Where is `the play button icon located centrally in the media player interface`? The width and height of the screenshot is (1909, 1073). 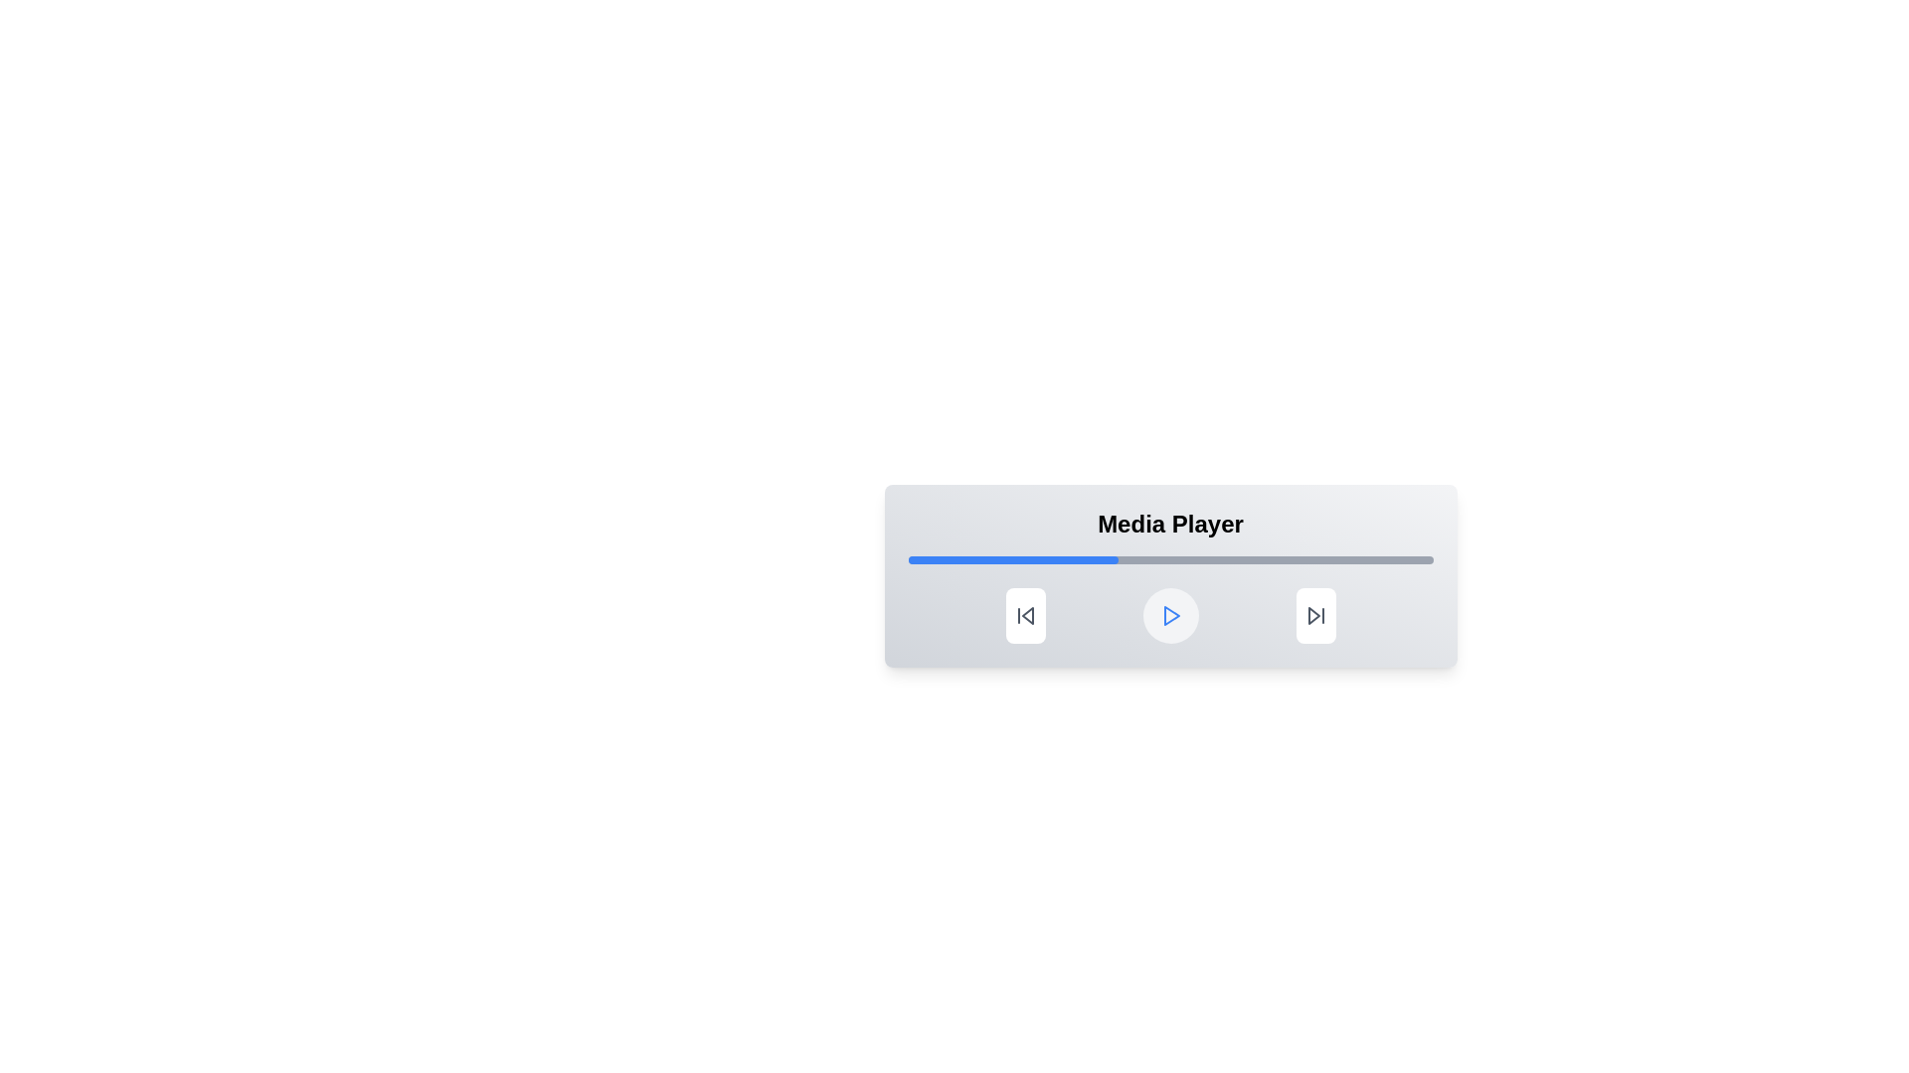
the play button icon located centrally in the media player interface is located at coordinates (1171, 615).